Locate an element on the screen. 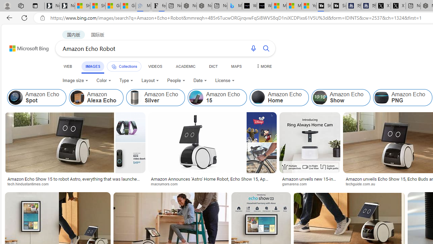  'Microsoft Bing Travel - Shangri-La Hotel Bangkok' is located at coordinates (234, 6).